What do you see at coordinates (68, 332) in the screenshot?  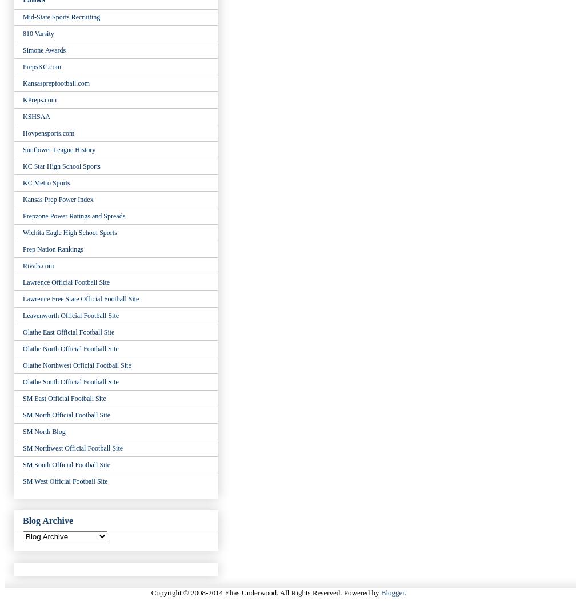 I see `'Olathe East Official Football Site'` at bounding box center [68, 332].